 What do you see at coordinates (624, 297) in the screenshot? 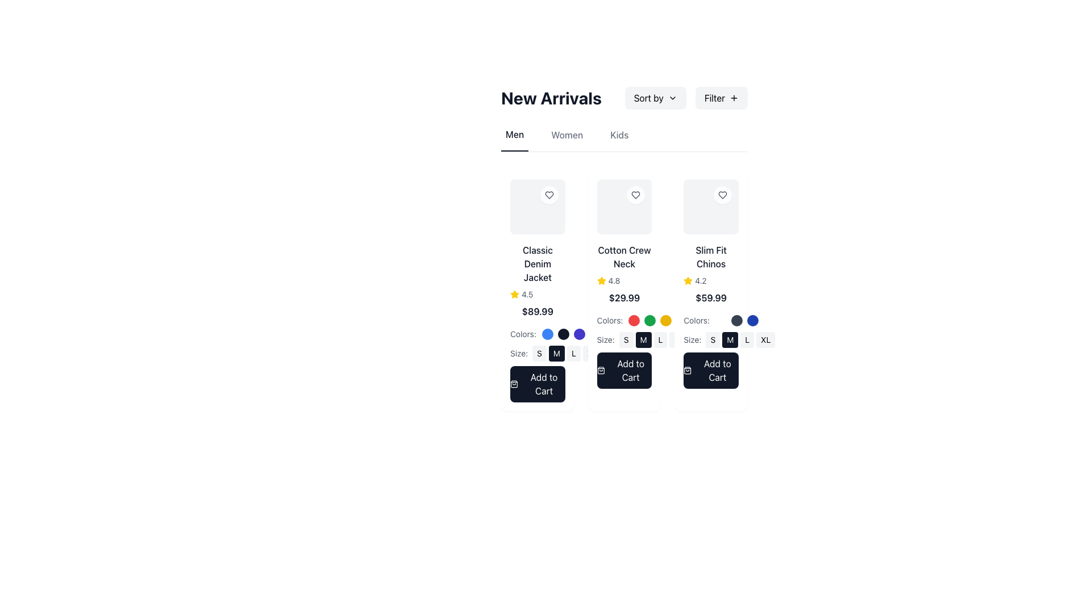
I see `the static text element displaying the price of the product, located below the rating text and above the color options in the 'Cotton Crew Neck' section` at bounding box center [624, 297].